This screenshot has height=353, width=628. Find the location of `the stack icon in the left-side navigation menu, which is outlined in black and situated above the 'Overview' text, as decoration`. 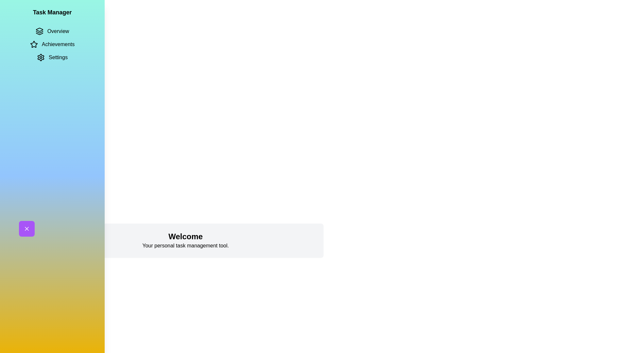

the stack icon in the left-side navigation menu, which is outlined in black and situated above the 'Overview' text, as decoration is located at coordinates (39, 31).